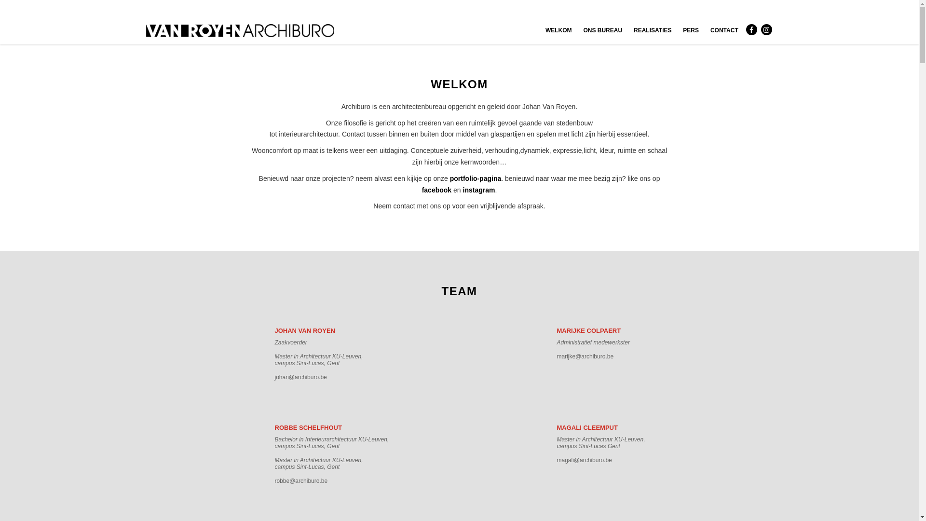  Describe the element at coordinates (558, 30) in the screenshot. I see `'WELKOM'` at that location.